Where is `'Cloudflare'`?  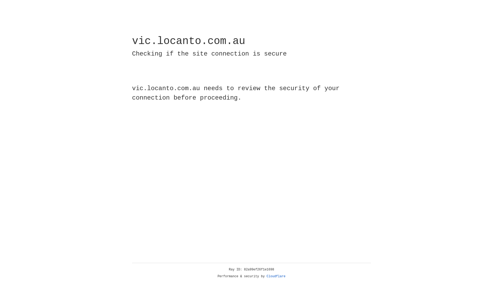
'Cloudflare' is located at coordinates (266, 276).